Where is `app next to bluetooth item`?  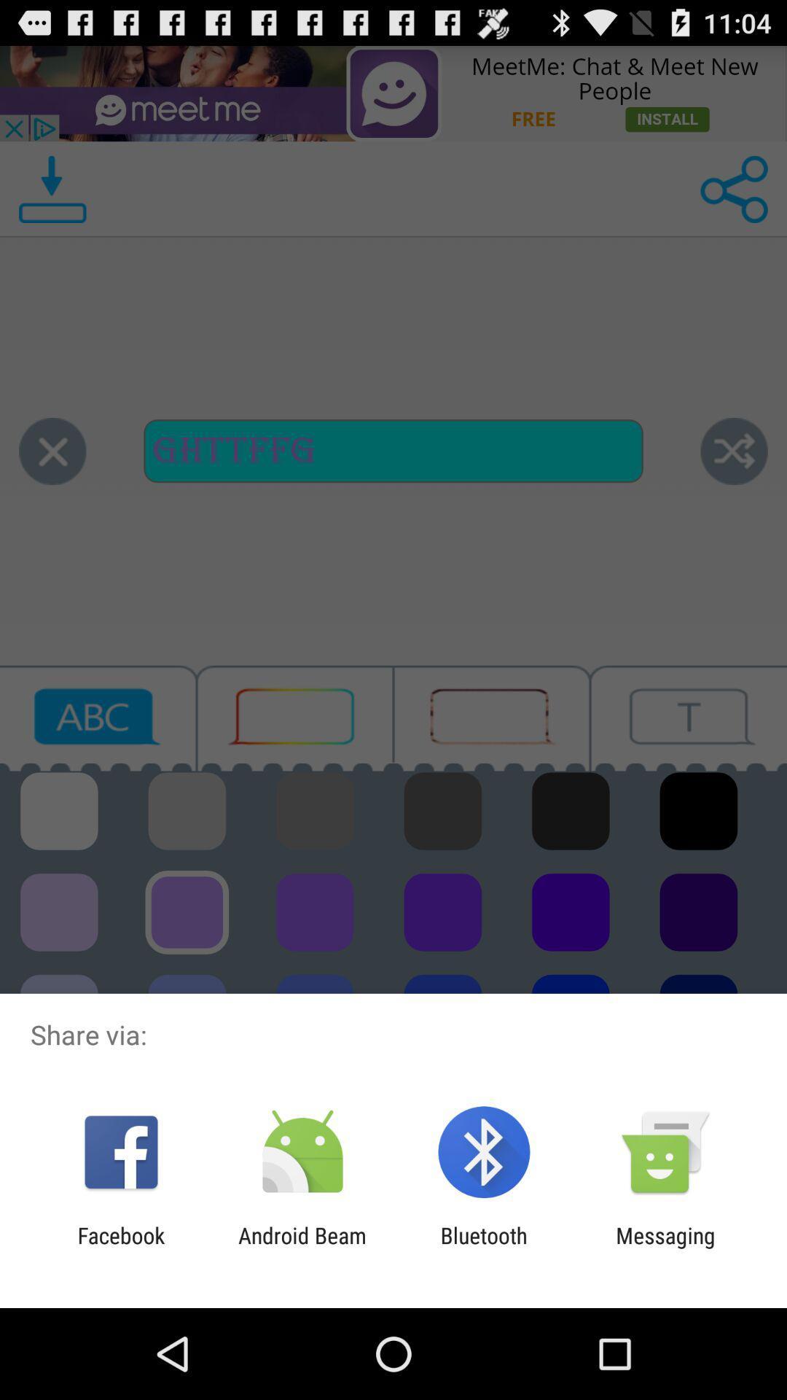
app next to bluetooth item is located at coordinates (302, 1248).